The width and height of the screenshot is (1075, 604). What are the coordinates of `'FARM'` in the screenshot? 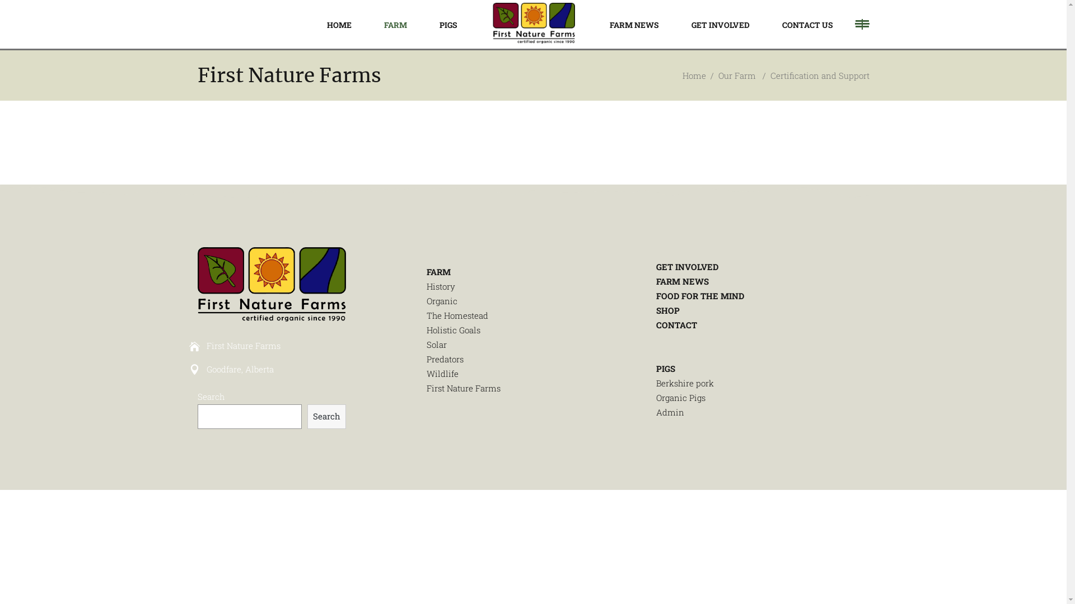 It's located at (395, 24).